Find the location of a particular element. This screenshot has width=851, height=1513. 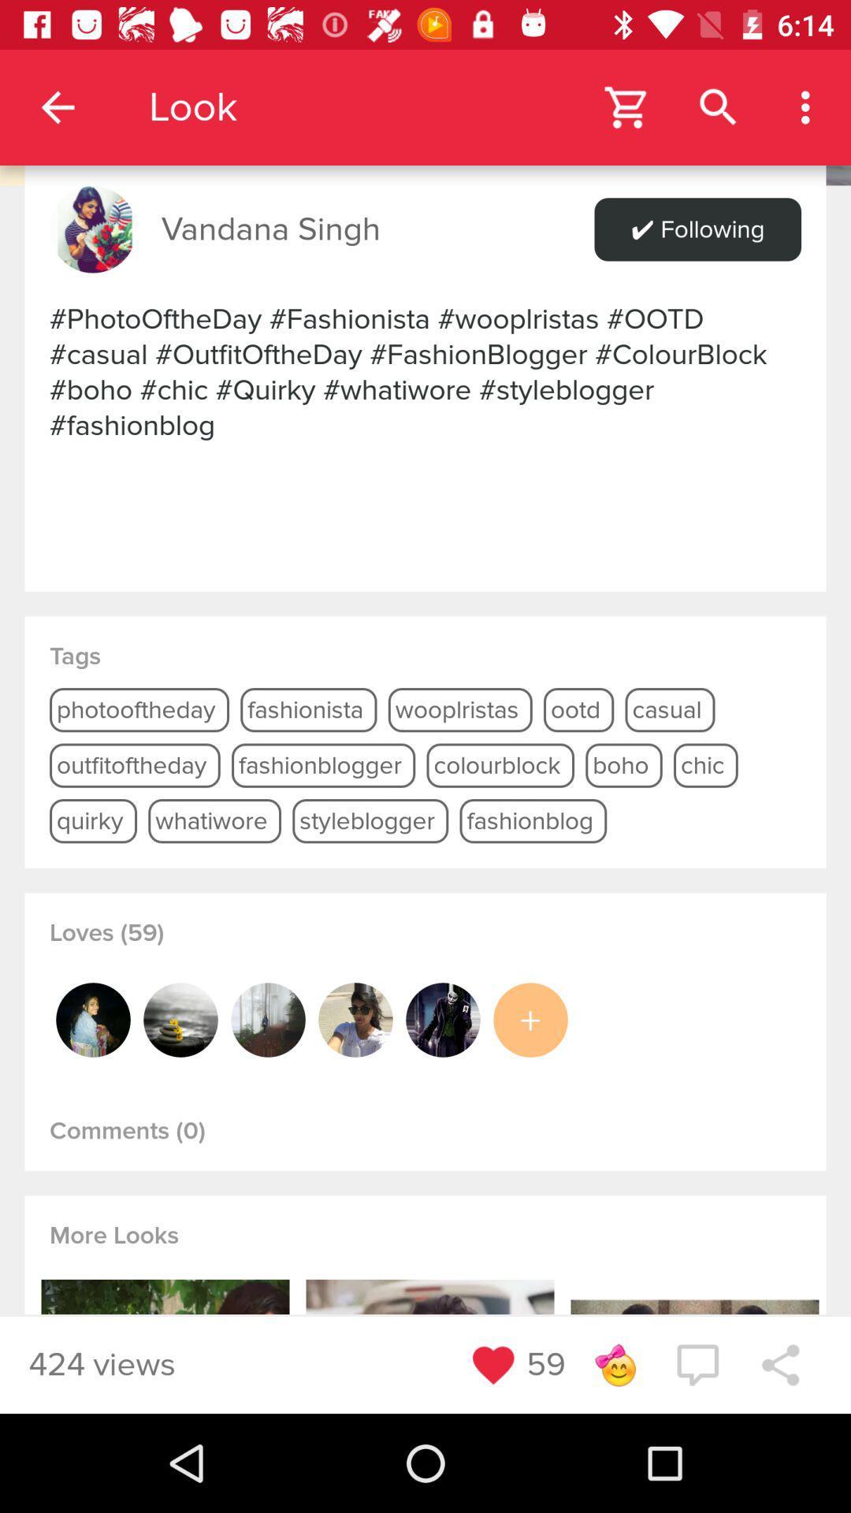

option is located at coordinates (530, 1020).